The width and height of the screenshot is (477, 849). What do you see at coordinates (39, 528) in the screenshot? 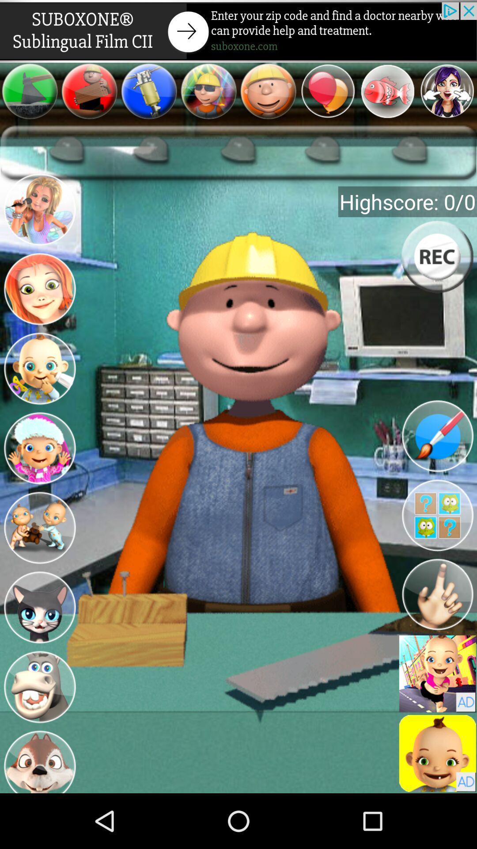
I see `new character s` at bounding box center [39, 528].